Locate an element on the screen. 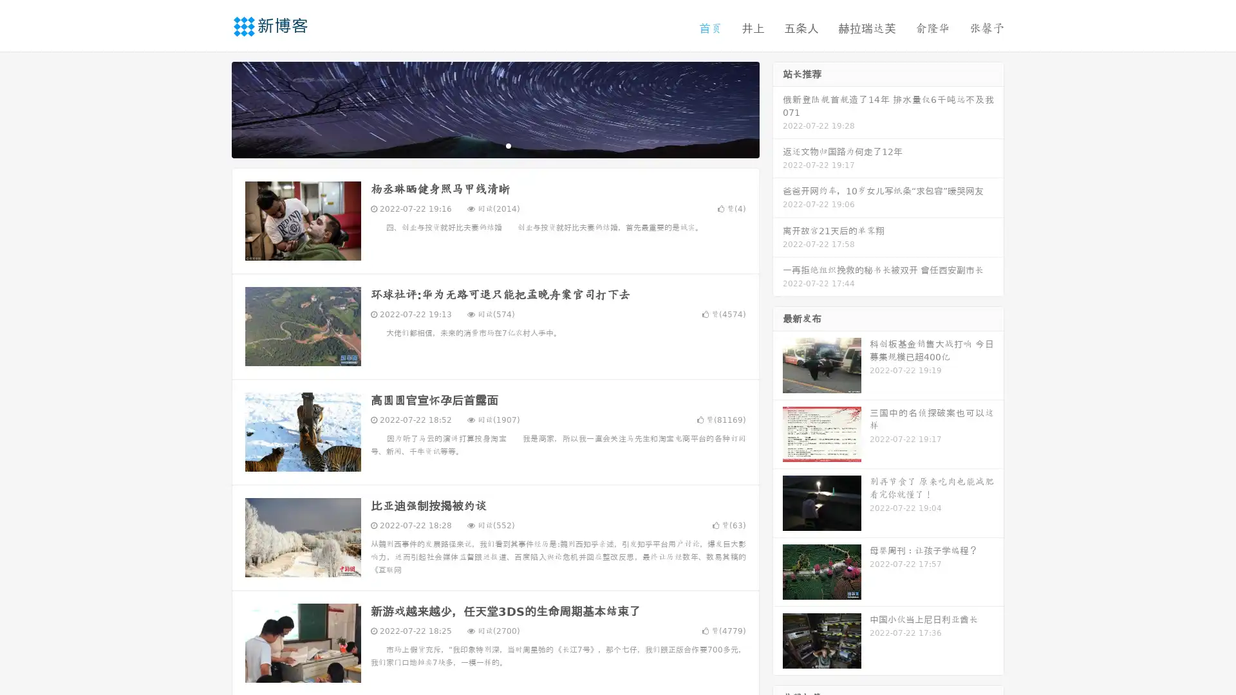  Go to slide 1 is located at coordinates (482, 145).